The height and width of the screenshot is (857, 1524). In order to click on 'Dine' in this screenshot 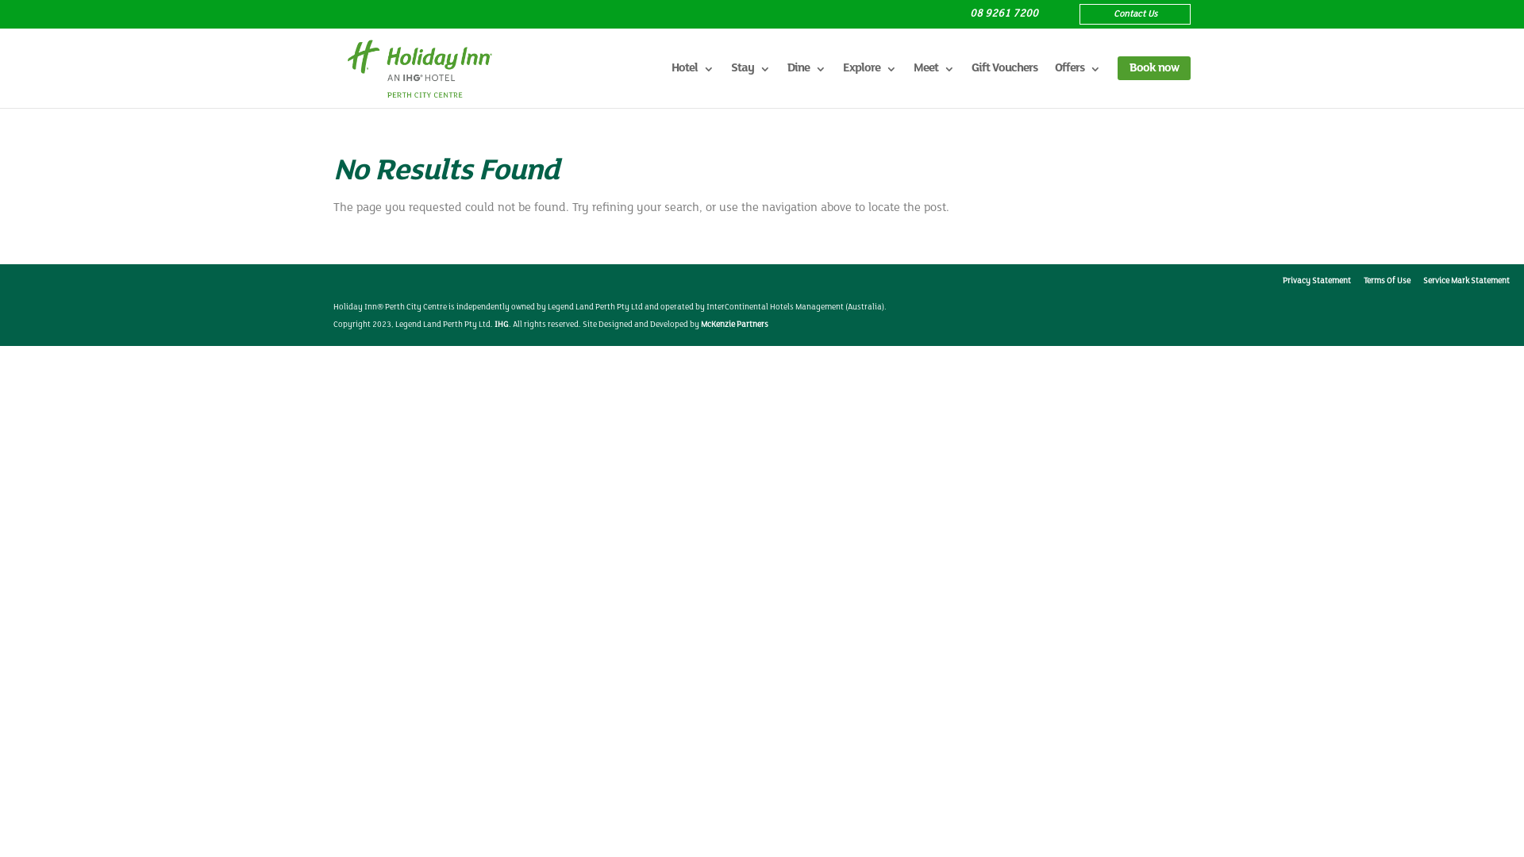, I will do `click(806, 79)`.